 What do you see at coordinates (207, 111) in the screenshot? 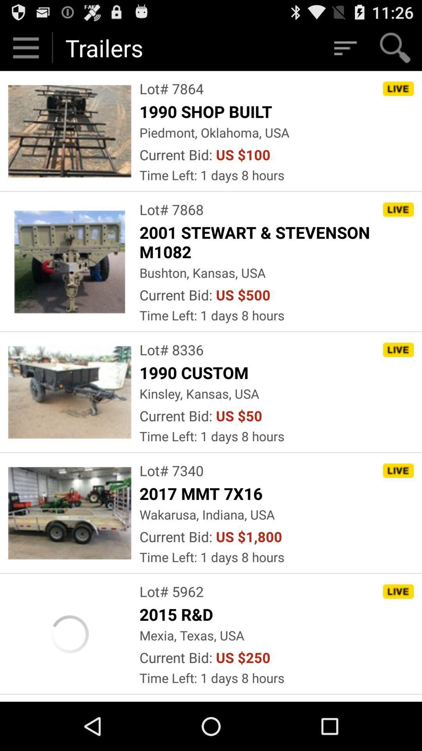
I see `item above the piedmont, oklahoma, usa item` at bounding box center [207, 111].